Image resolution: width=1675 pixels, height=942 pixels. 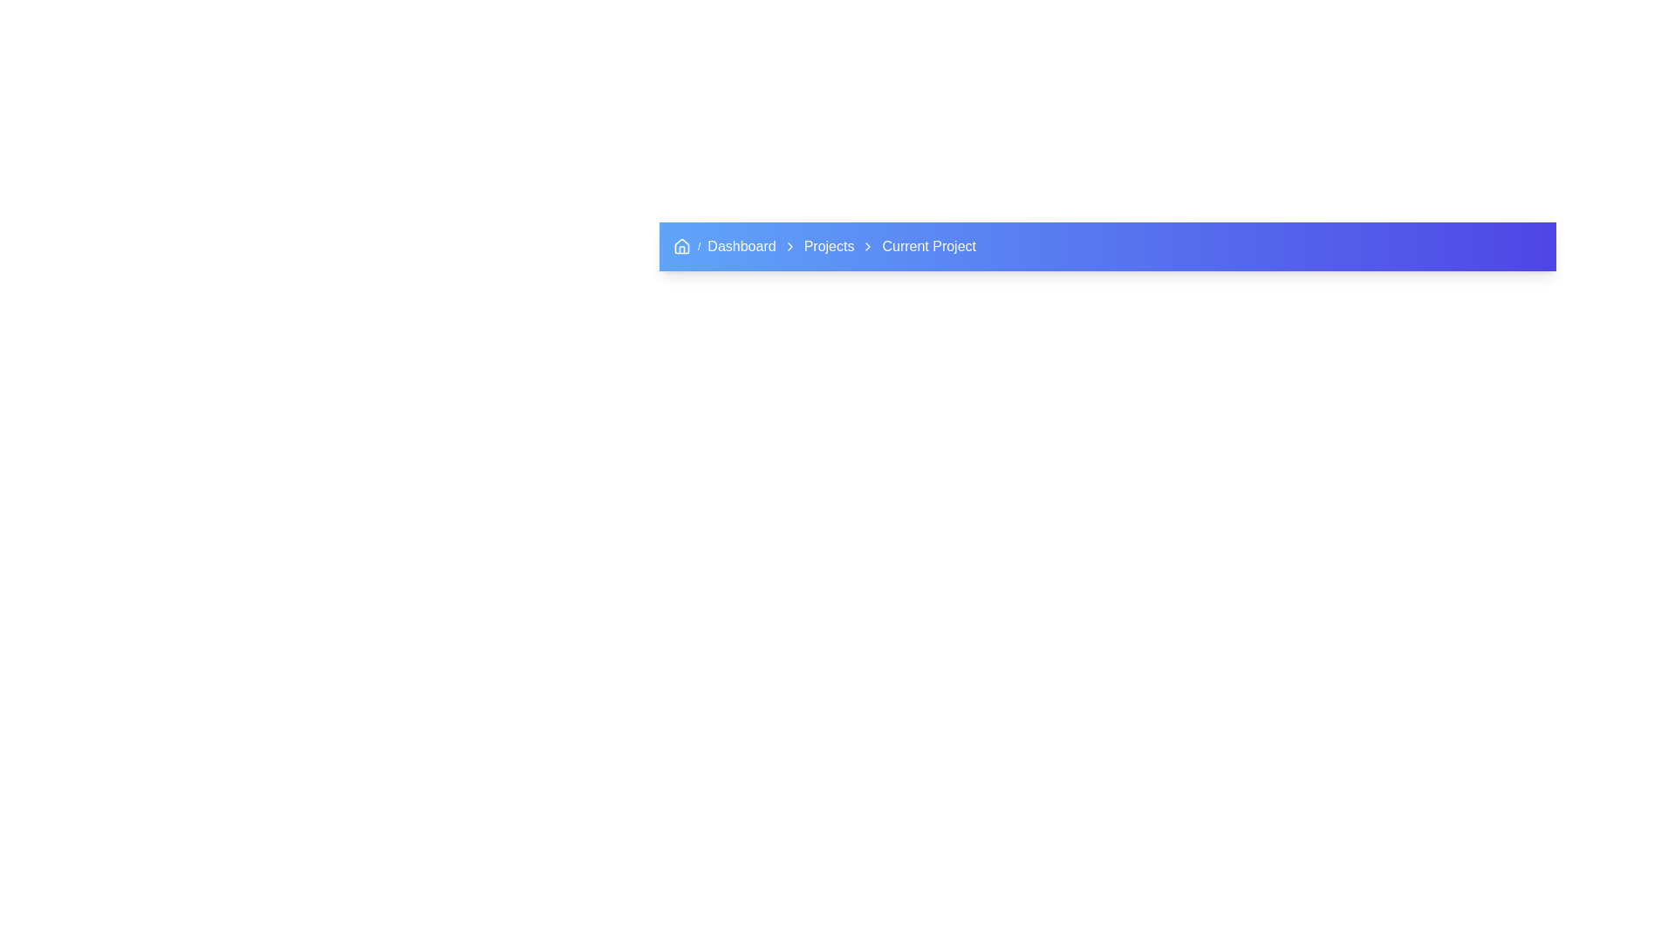 I want to click on the third chevron icon in the breadcrumb navigation that separates 'Projects' and 'Current Project' sections, so click(x=868, y=246).